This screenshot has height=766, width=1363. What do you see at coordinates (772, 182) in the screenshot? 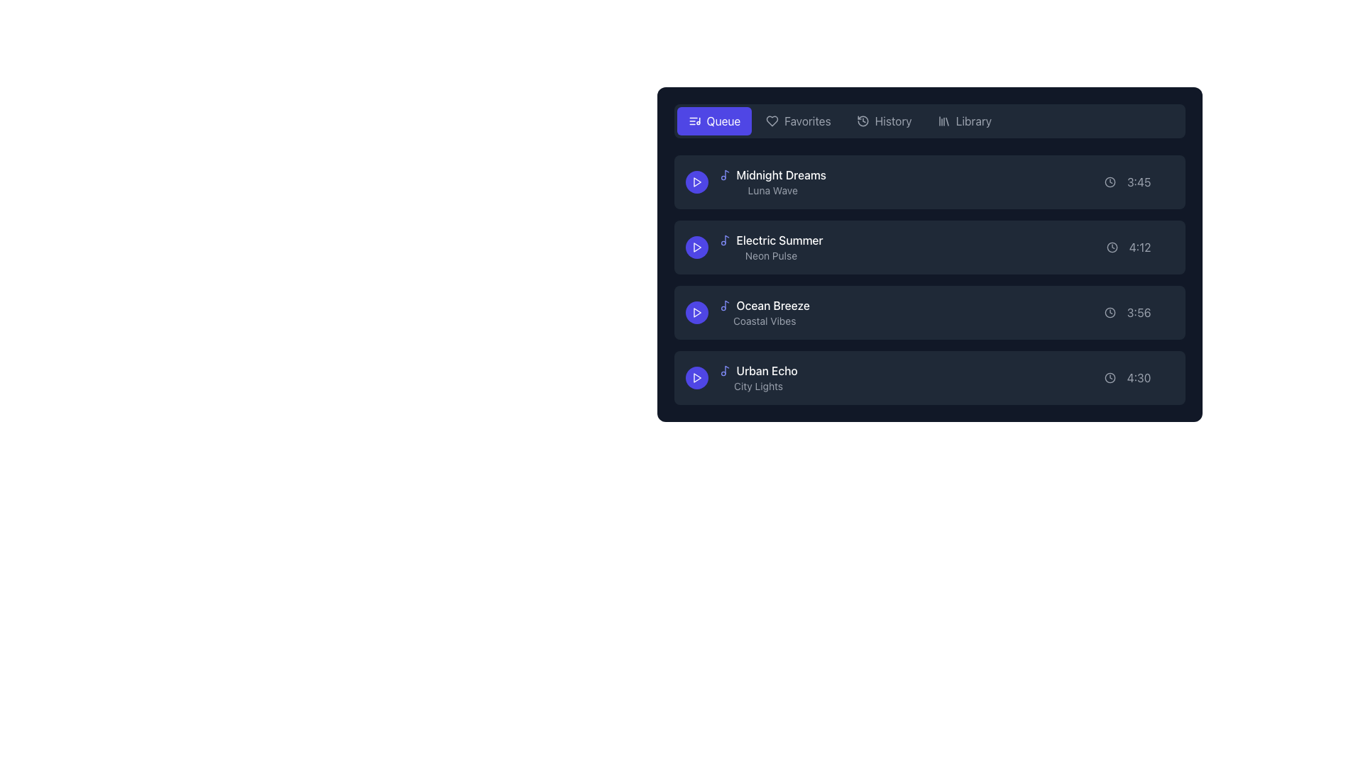
I see `on the first playlist entry in the list, titled 'Midnight Dreams' by 'Luna Wave', for advanced interaction` at bounding box center [772, 182].